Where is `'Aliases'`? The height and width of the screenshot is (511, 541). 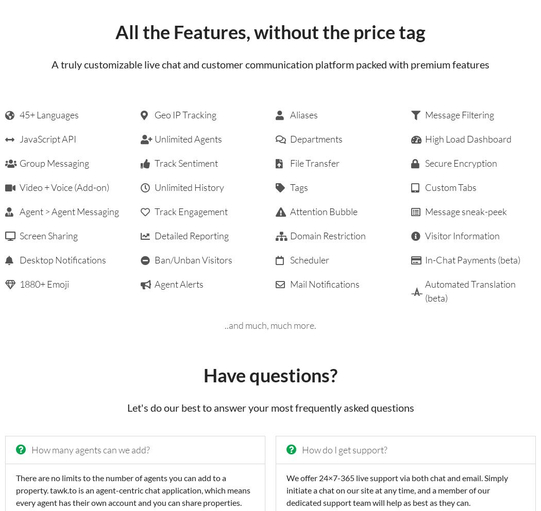
'Aliases' is located at coordinates (289, 115).